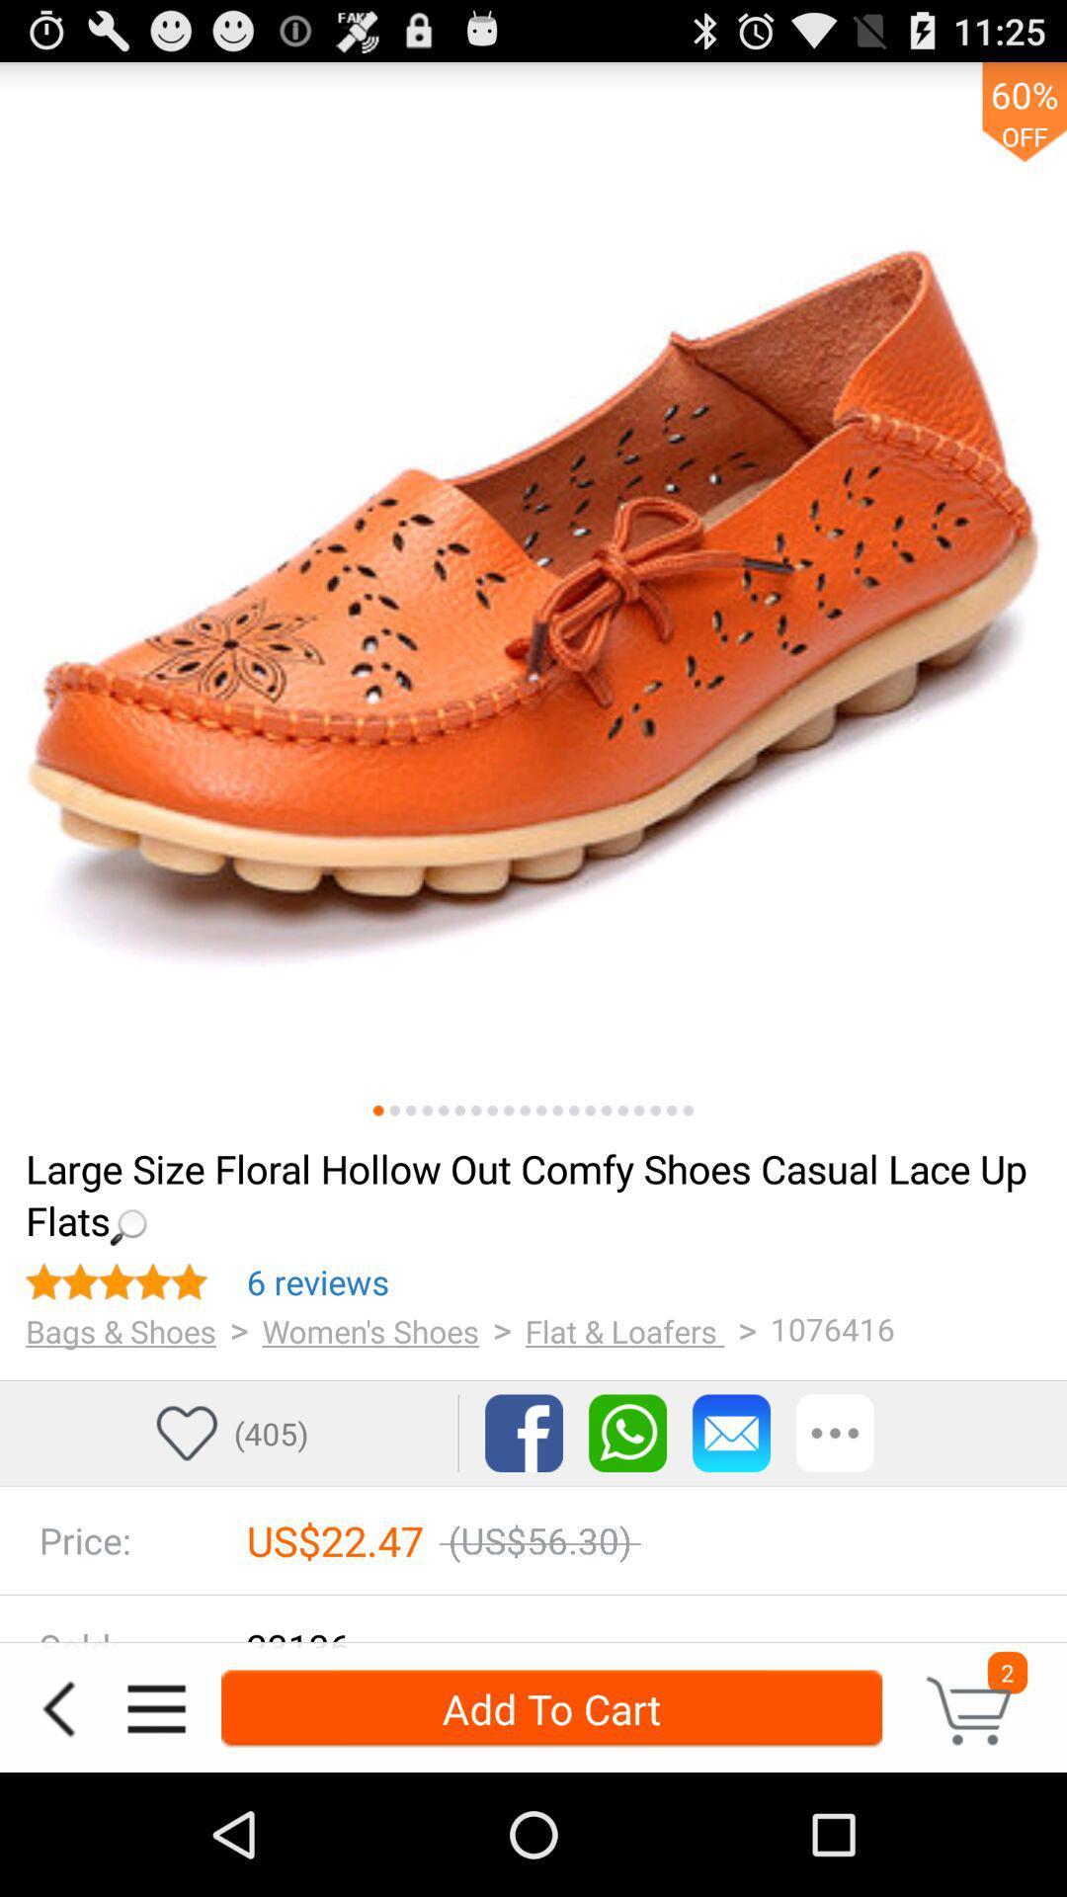  What do you see at coordinates (639, 1111) in the screenshot?
I see `previous images` at bounding box center [639, 1111].